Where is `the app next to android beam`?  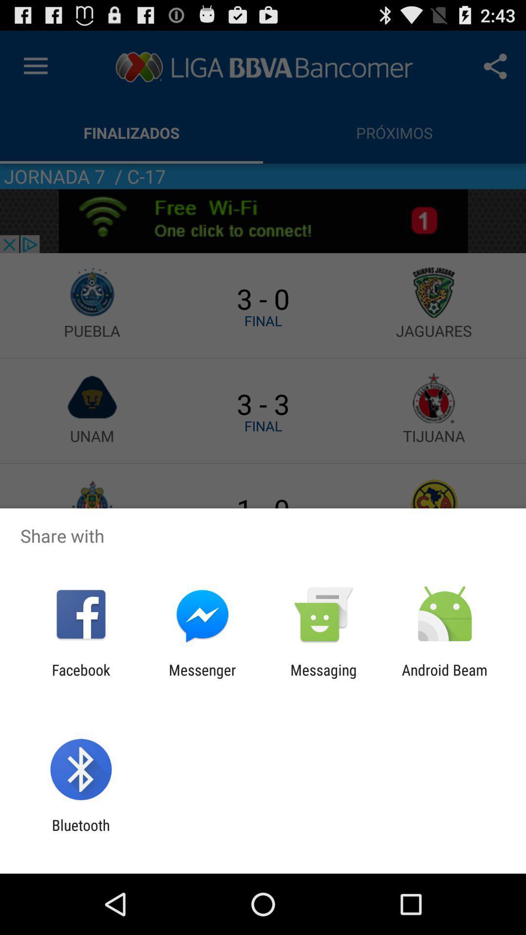 the app next to android beam is located at coordinates (323, 678).